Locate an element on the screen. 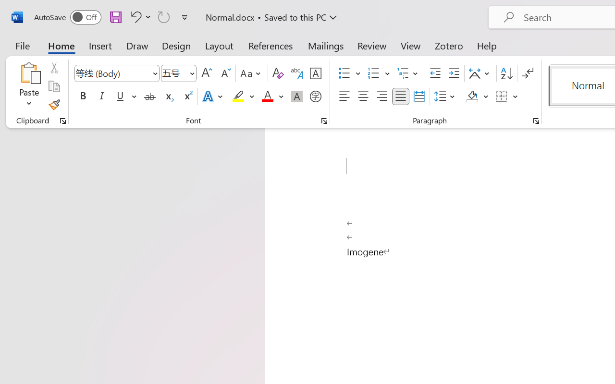  'Font Color' is located at coordinates (272, 96).